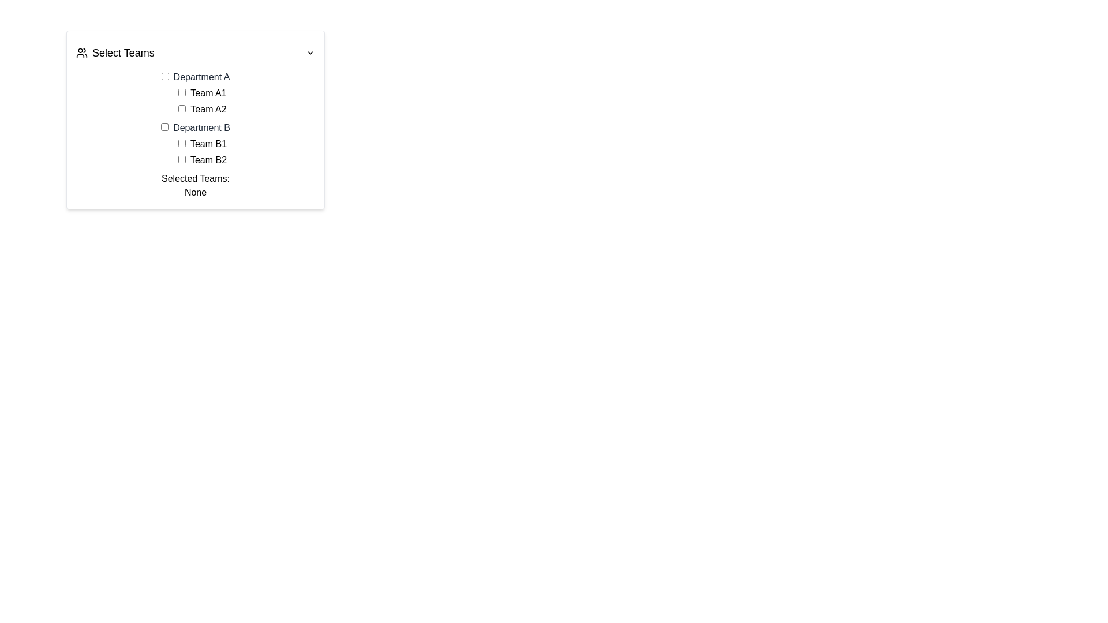  I want to click on the 'Department B' text label with checkbox, which is styled with a gray background and located under 'Department A.', so click(196, 128).